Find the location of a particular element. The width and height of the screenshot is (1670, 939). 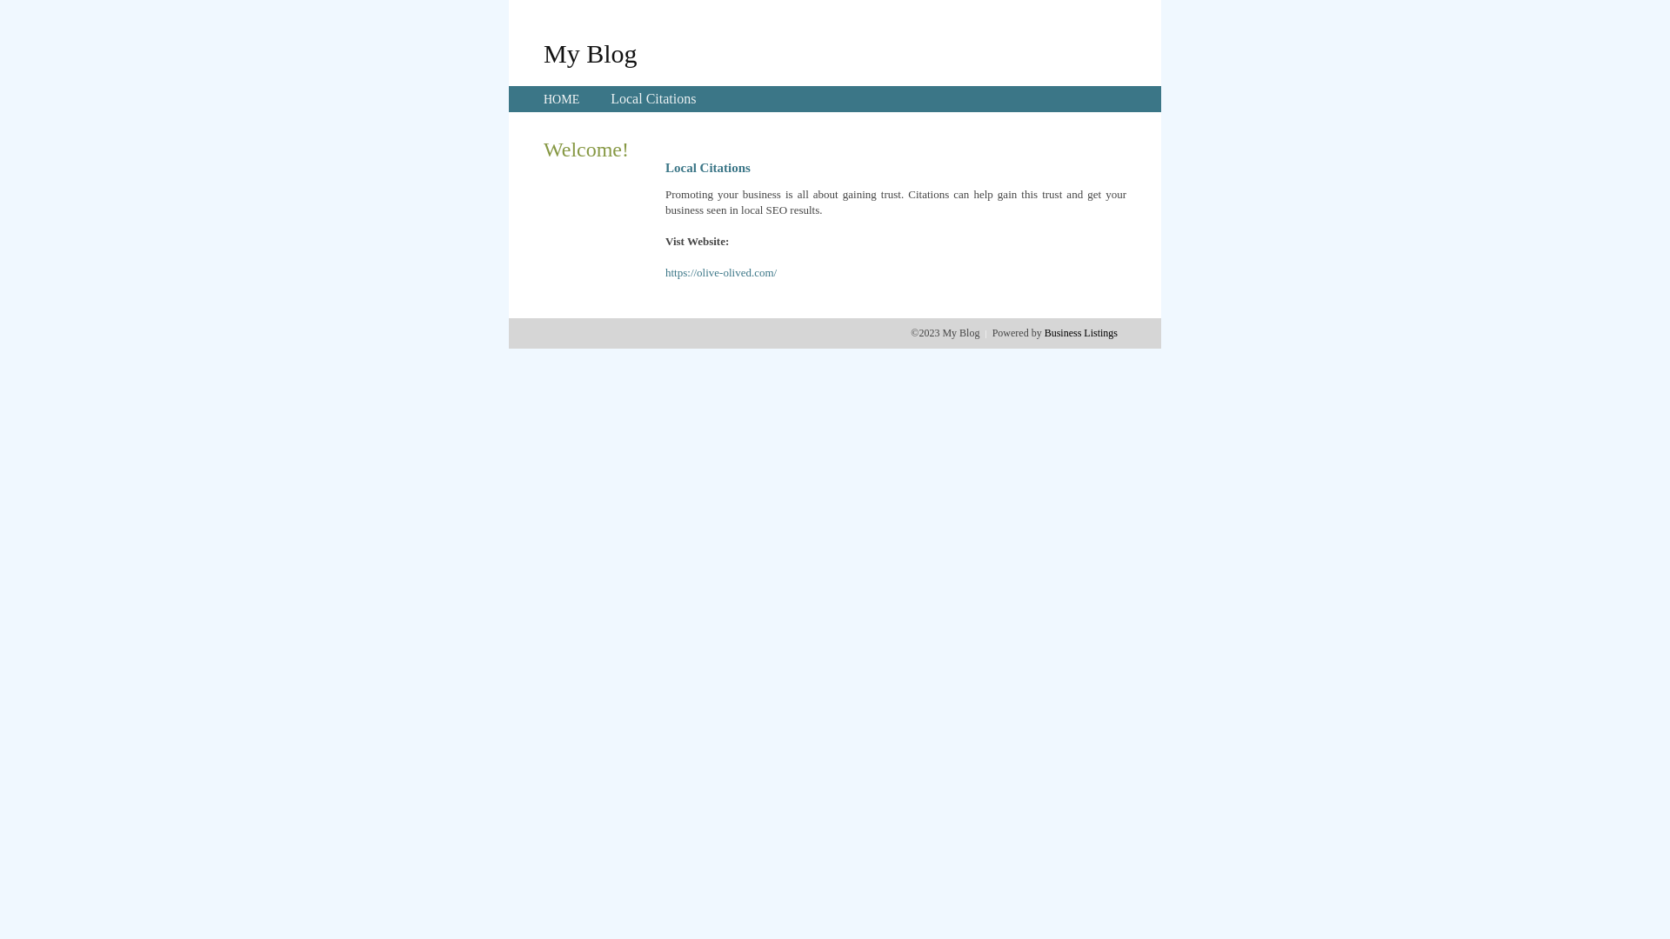

'Local Citations' is located at coordinates (651, 98).